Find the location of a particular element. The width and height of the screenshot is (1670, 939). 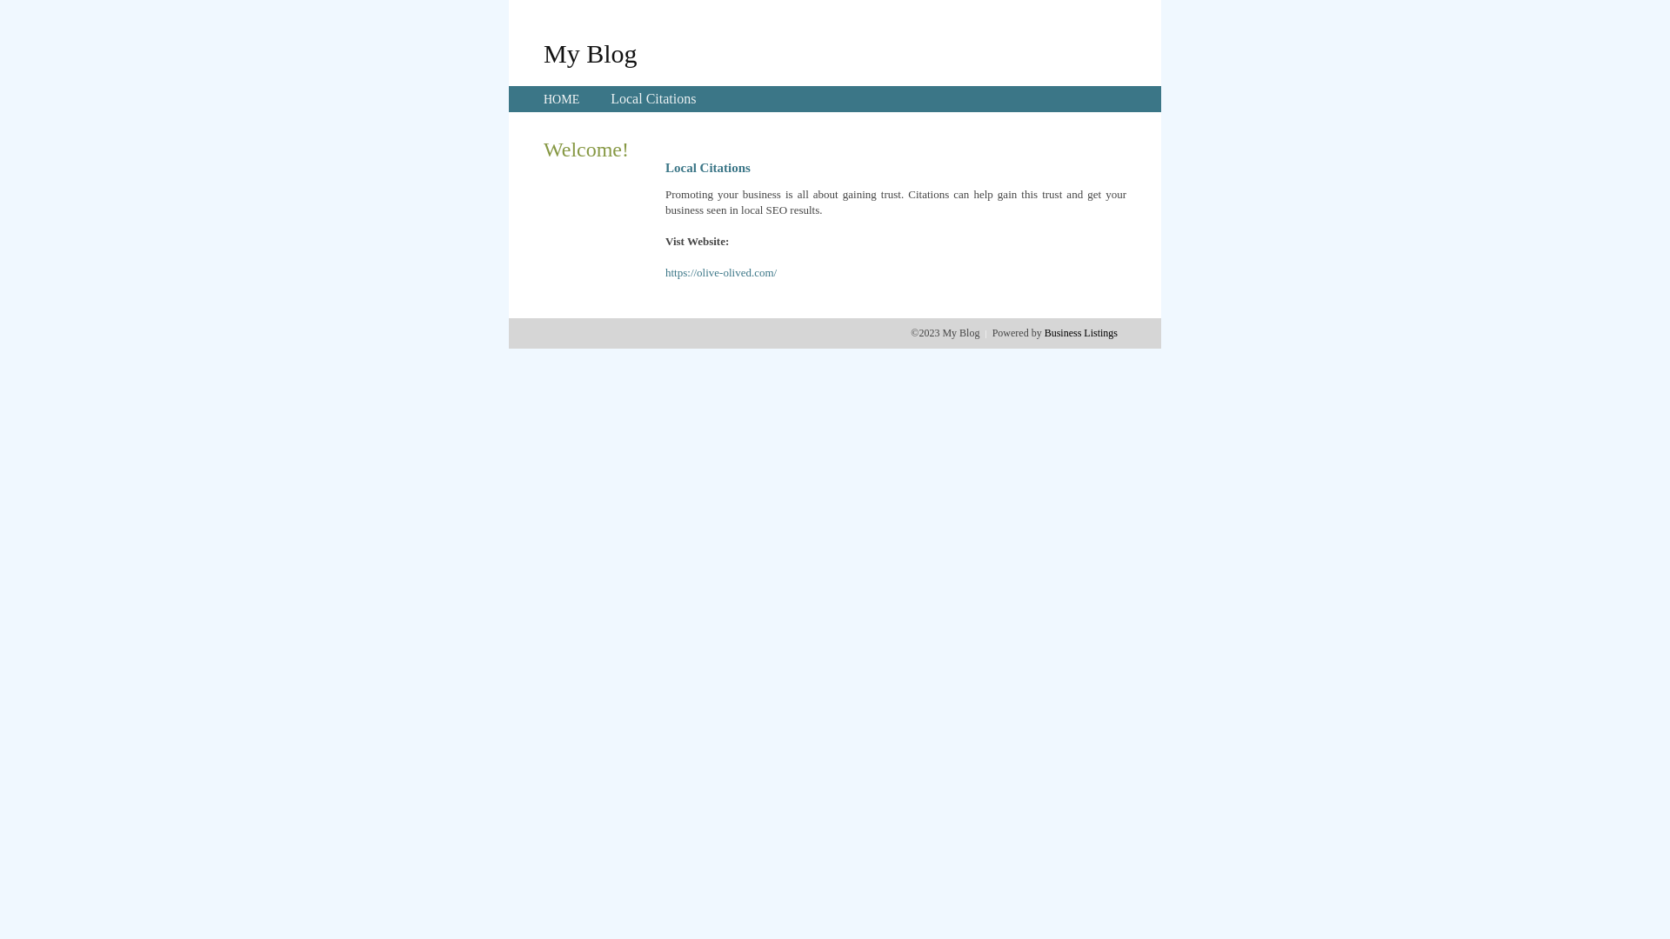

'Local Citations' is located at coordinates (651, 98).